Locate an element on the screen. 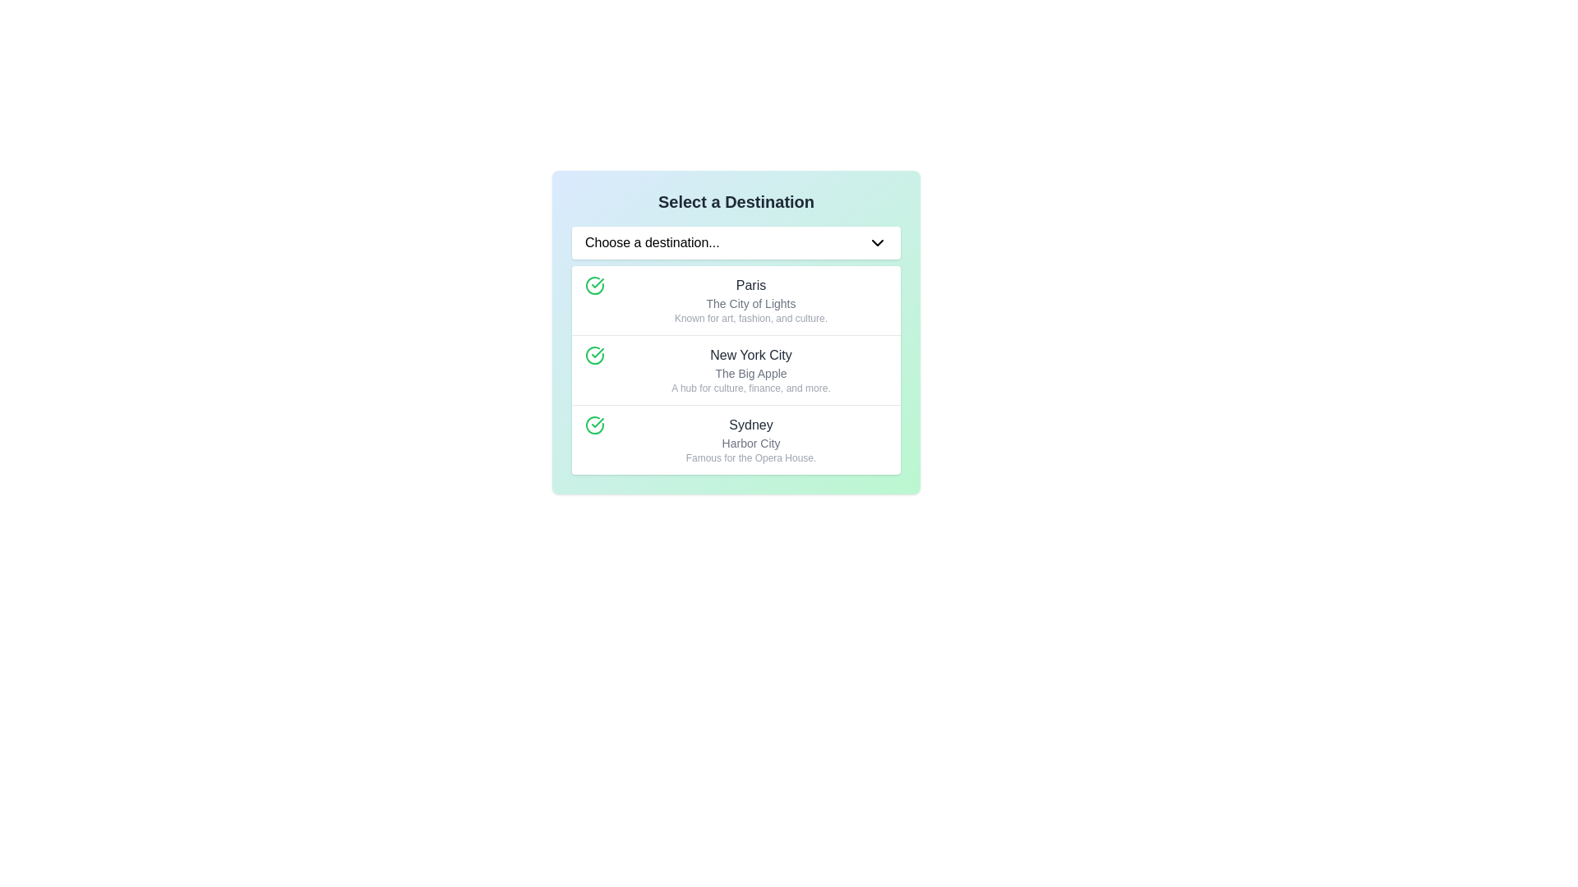 The image size is (1578, 887). the Text label displaying 'New York City', which is a medium-sized gray font title located between 'Paris' and 'Sydney' is located at coordinates (750, 354).